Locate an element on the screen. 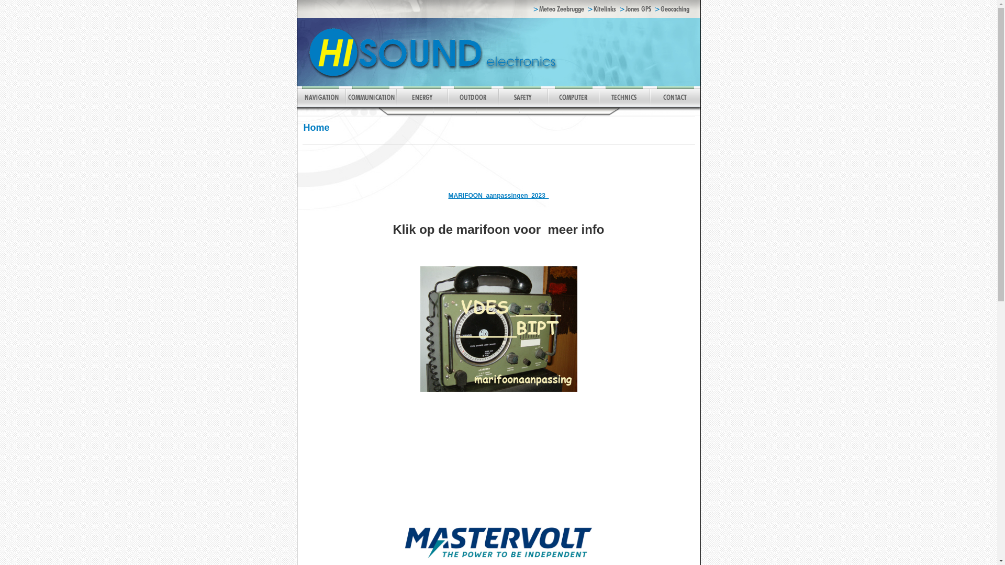 The image size is (1005, 565). 'Communication' is located at coordinates (345, 105).